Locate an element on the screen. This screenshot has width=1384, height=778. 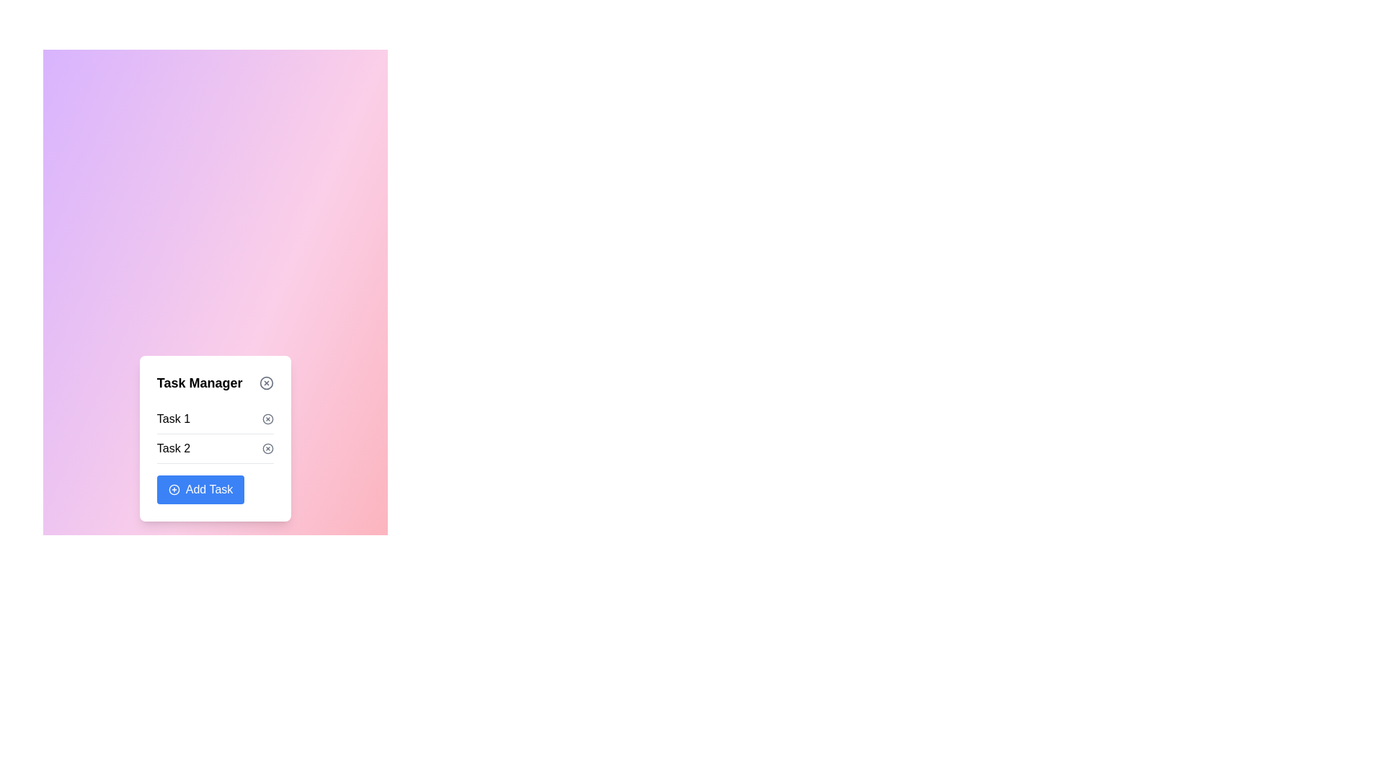
the close button to close the dialog is located at coordinates (267, 383).